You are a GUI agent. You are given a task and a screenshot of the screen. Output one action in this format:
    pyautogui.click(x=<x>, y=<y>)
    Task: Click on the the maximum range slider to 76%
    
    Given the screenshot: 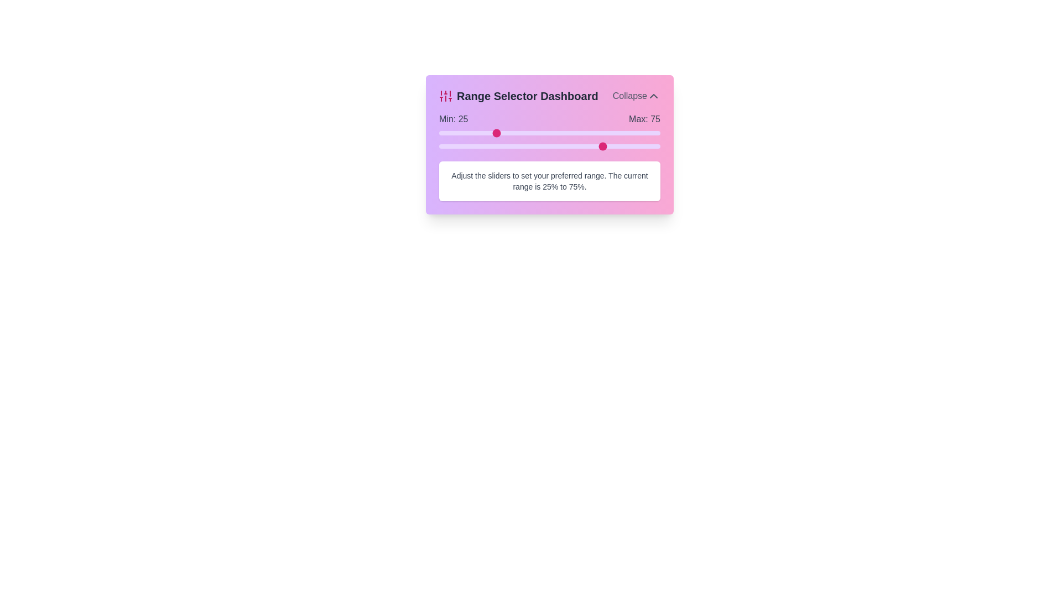 What is the action you would take?
    pyautogui.click(x=607, y=146)
    